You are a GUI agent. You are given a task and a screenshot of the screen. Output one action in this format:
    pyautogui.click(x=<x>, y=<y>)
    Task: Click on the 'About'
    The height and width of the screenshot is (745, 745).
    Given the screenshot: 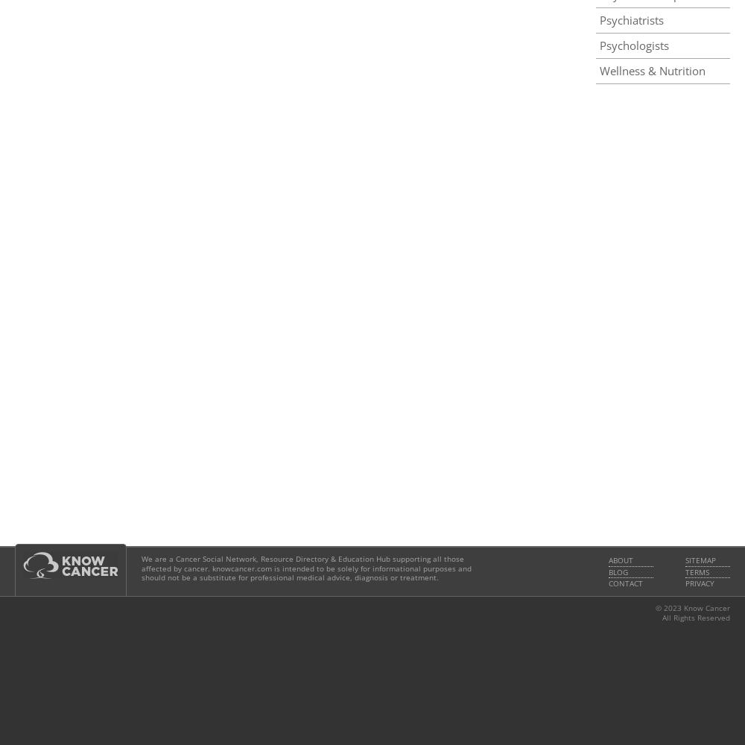 What is the action you would take?
    pyautogui.click(x=608, y=560)
    